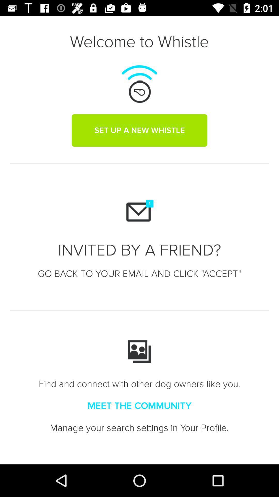 This screenshot has height=497, width=279. What do you see at coordinates (139, 406) in the screenshot?
I see `the meet the community item` at bounding box center [139, 406].